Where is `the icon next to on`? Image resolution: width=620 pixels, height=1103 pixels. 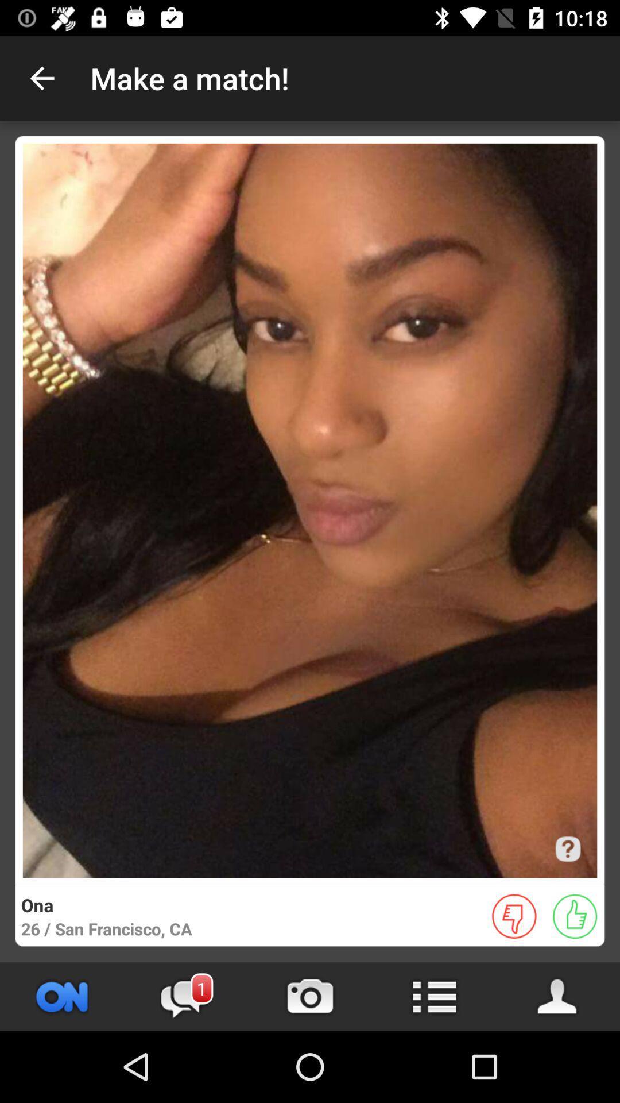
the icon next to on is located at coordinates (185, 996).